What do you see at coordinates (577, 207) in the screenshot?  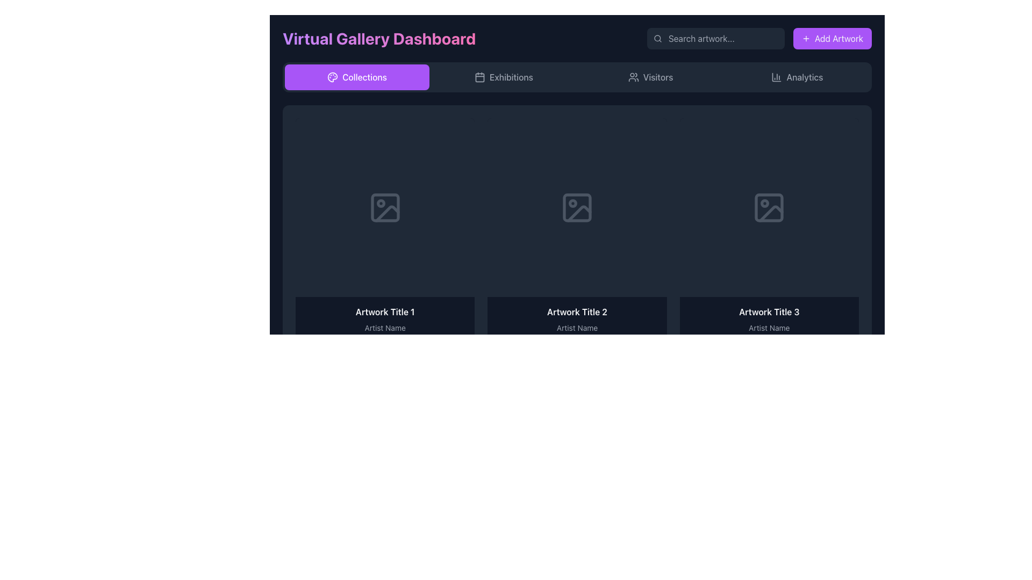 I see `the image placeholder or preview frame located in the middle column of the grid layout within the 'Collections' section, positioned above the text 'Artwork Title 2' and 'Artist Name'` at bounding box center [577, 207].